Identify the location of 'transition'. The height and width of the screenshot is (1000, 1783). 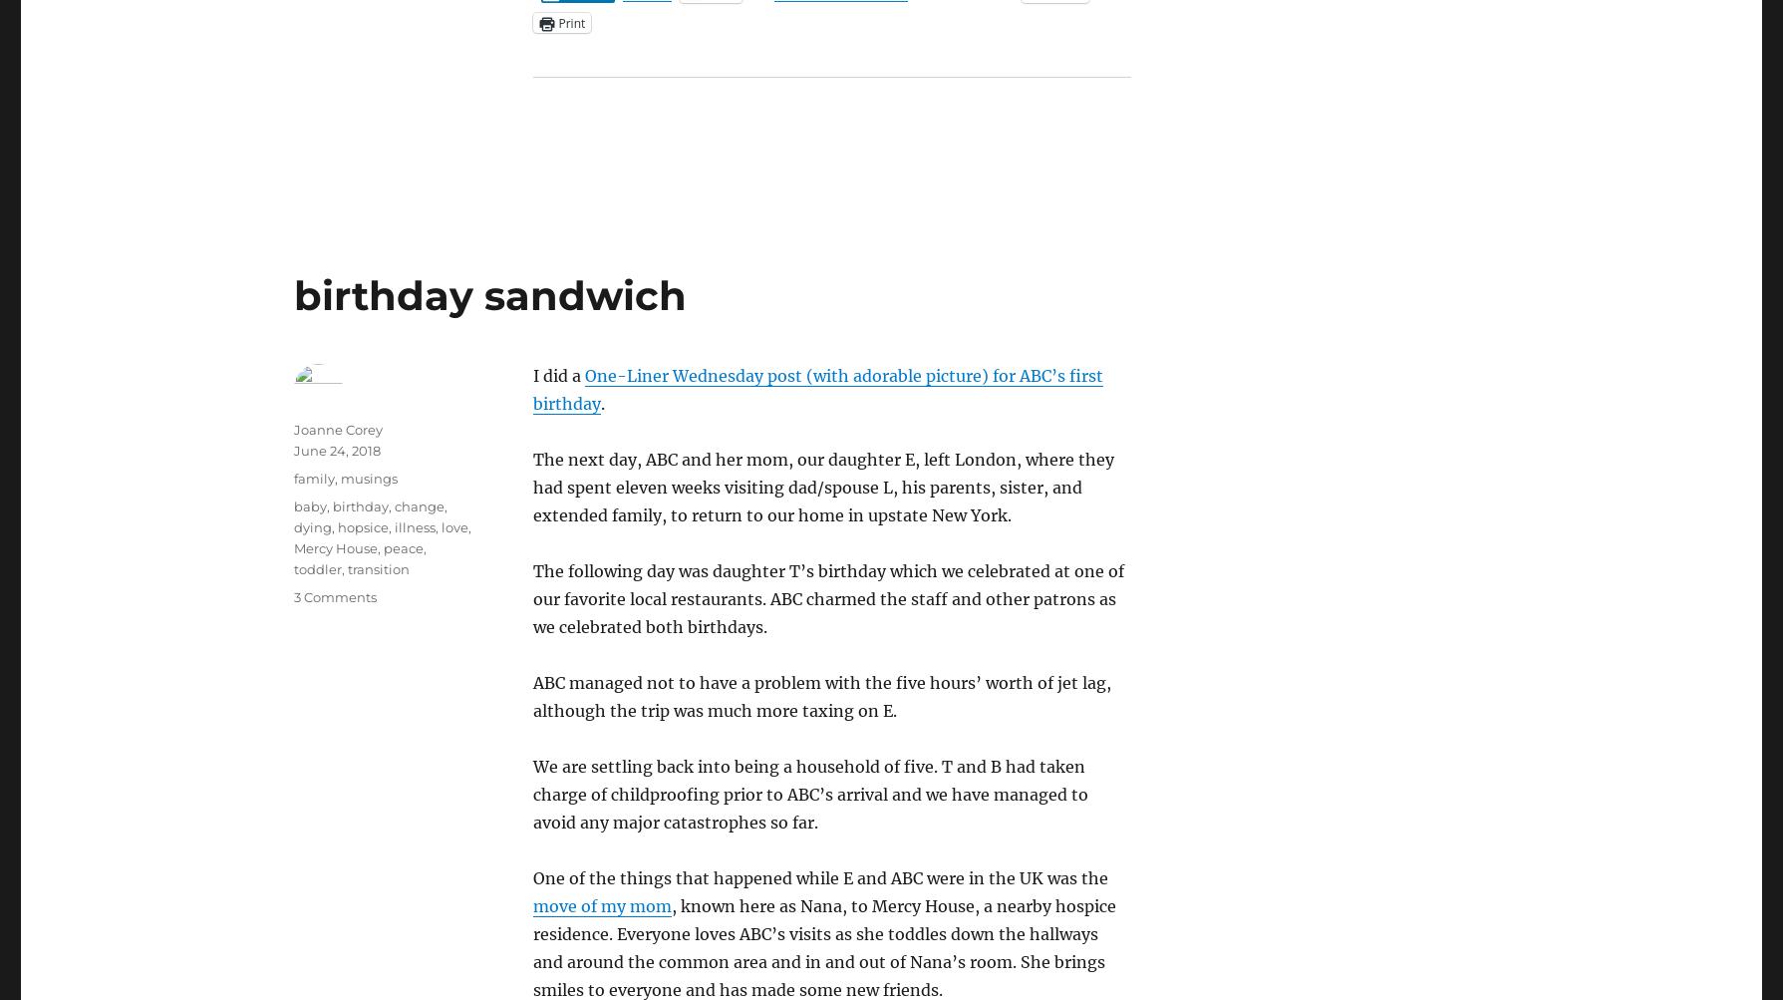
(377, 568).